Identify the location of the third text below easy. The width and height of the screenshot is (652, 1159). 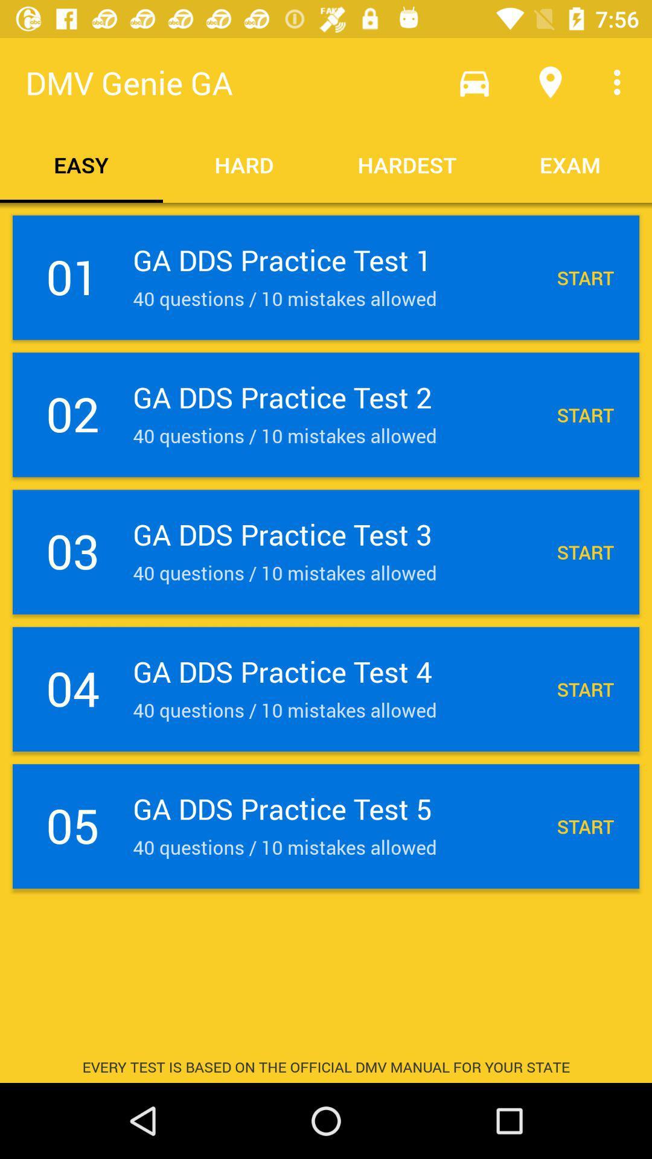
(326, 552).